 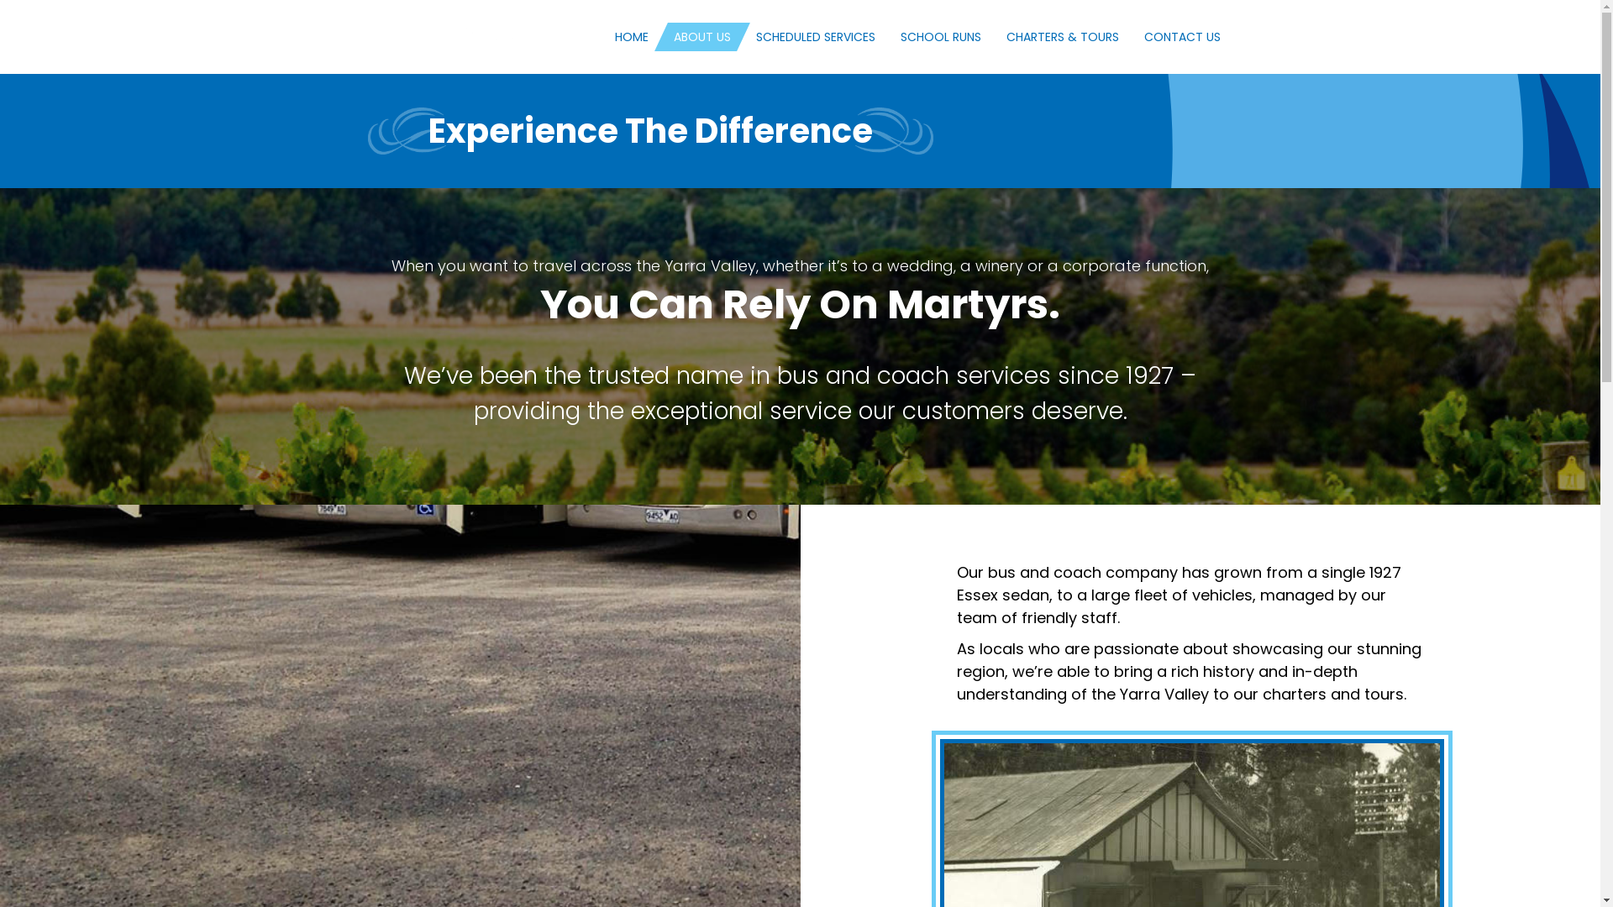 What do you see at coordinates (1174, 36) in the screenshot?
I see `'CONTACT US'` at bounding box center [1174, 36].